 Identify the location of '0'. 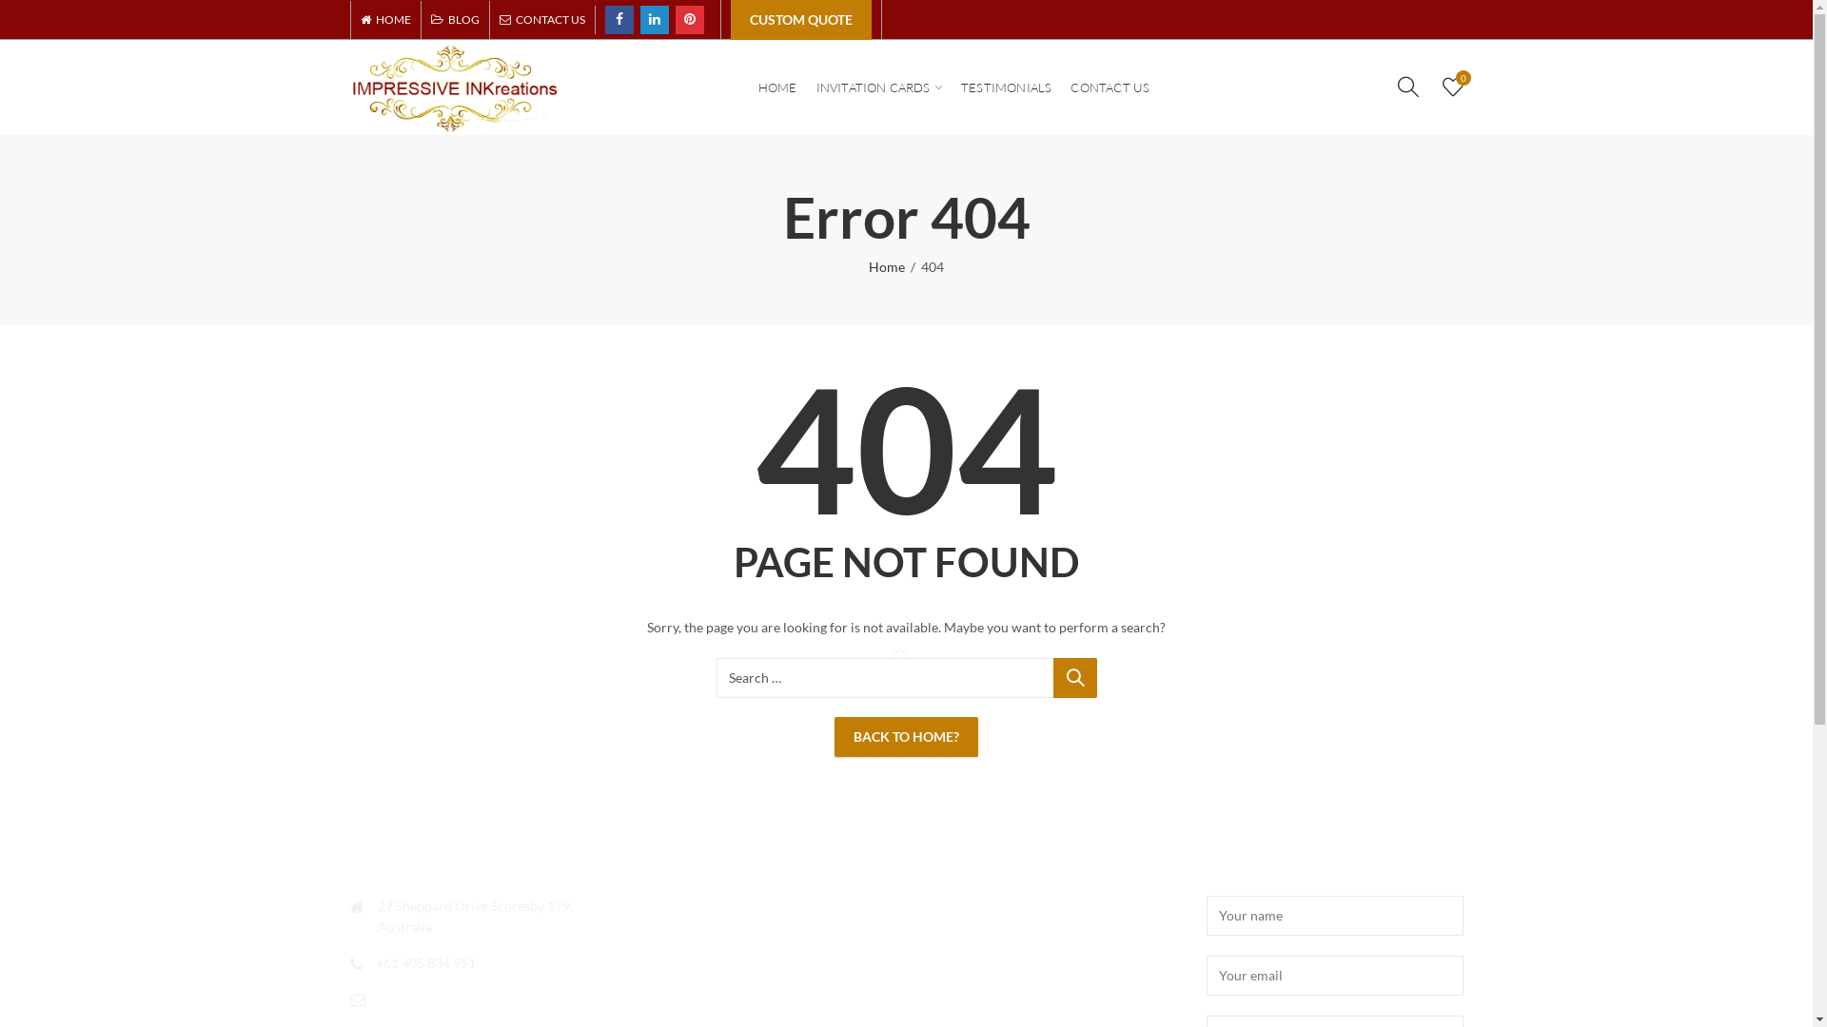
(1451, 86).